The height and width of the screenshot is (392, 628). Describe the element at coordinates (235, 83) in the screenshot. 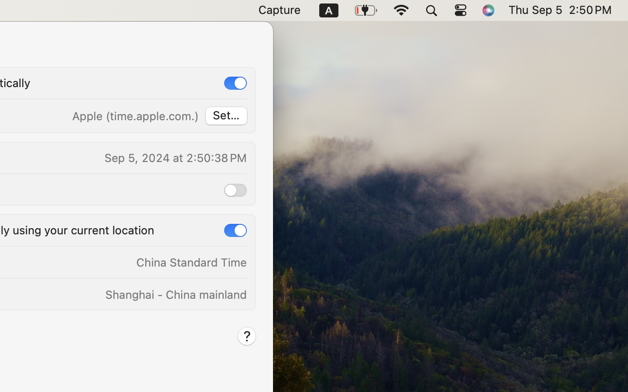

I see `'1'` at that location.